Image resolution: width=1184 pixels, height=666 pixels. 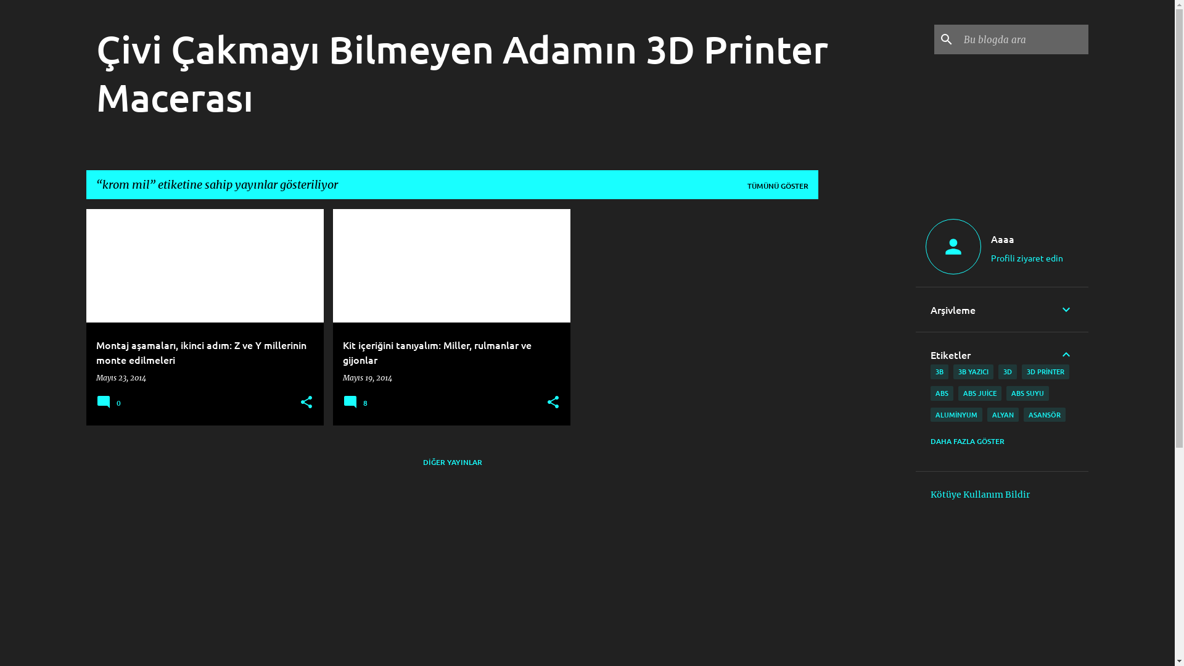 What do you see at coordinates (979, 393) in the screenshot?
I see `'ABS JUICE'` at bounding box center [979, 393].